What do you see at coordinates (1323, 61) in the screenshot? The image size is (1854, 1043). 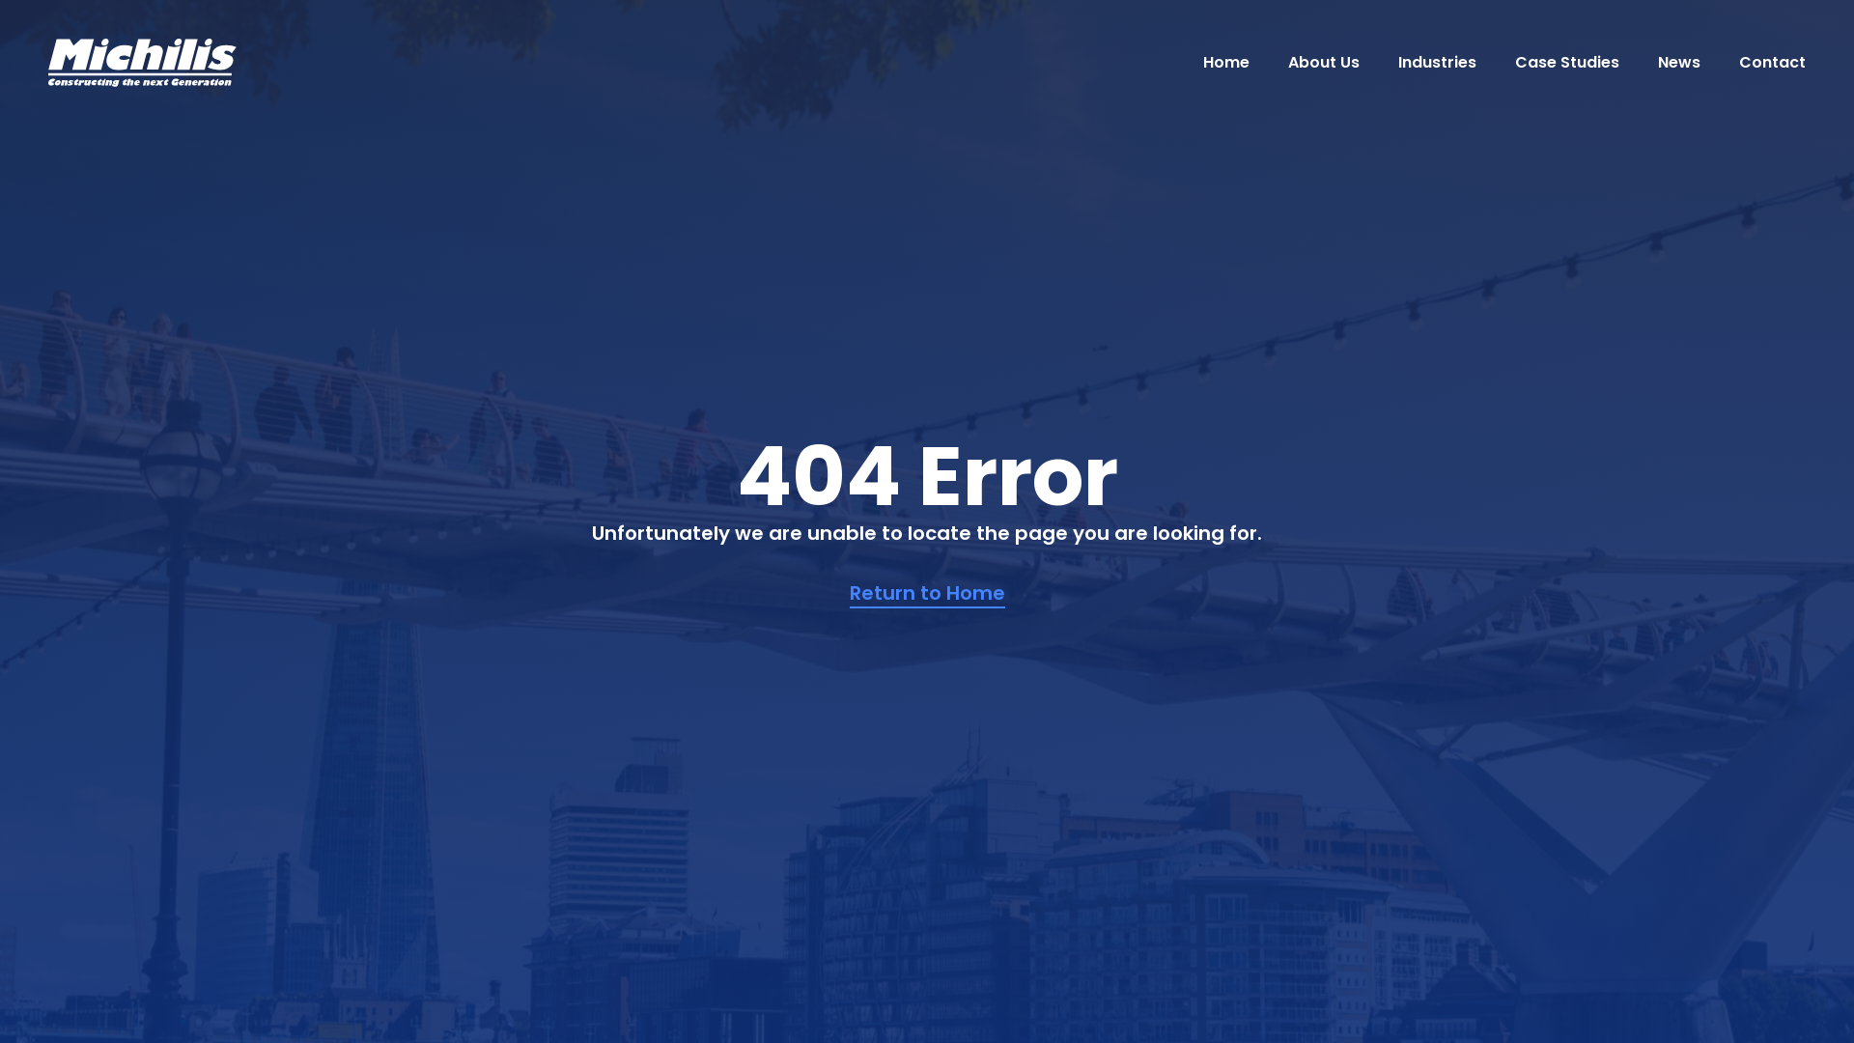 I see `'About Us'` at bounding box center [1323, 61].